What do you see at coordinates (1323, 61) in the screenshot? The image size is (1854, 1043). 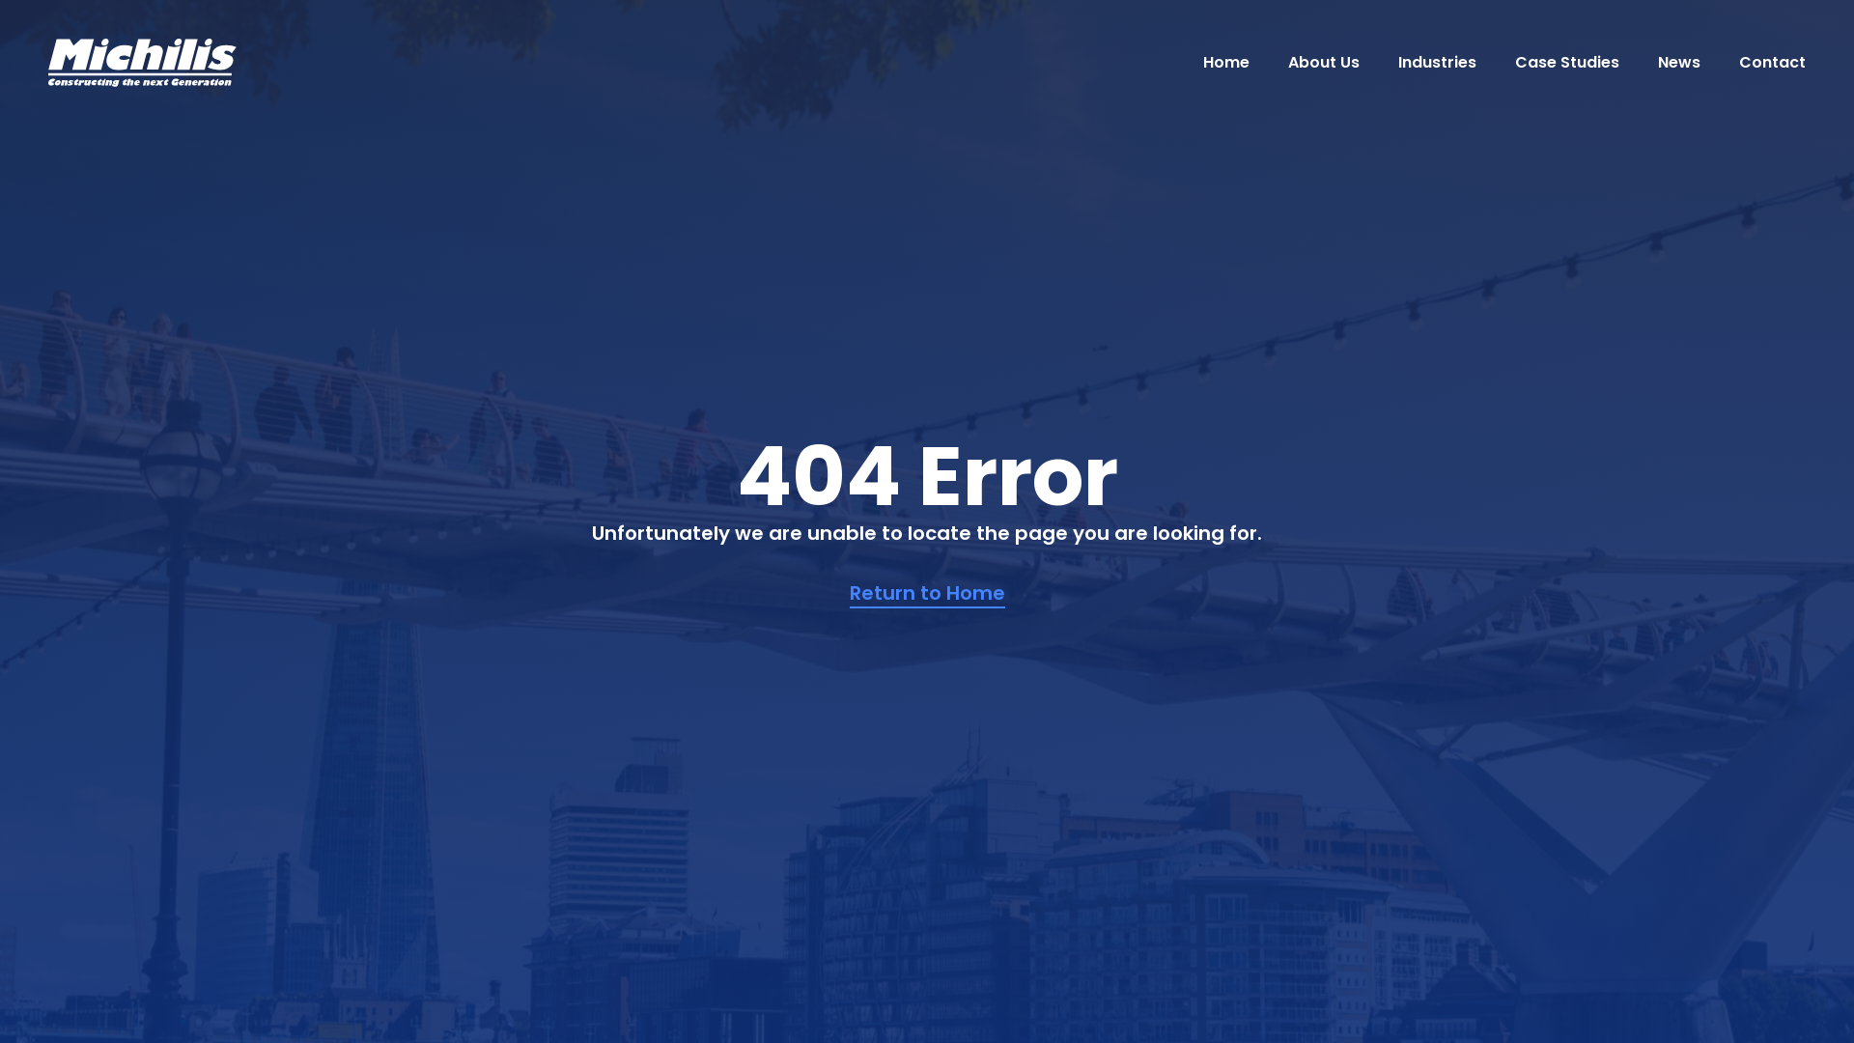 I see `'About Us'` at bounding box center [1323, 61].